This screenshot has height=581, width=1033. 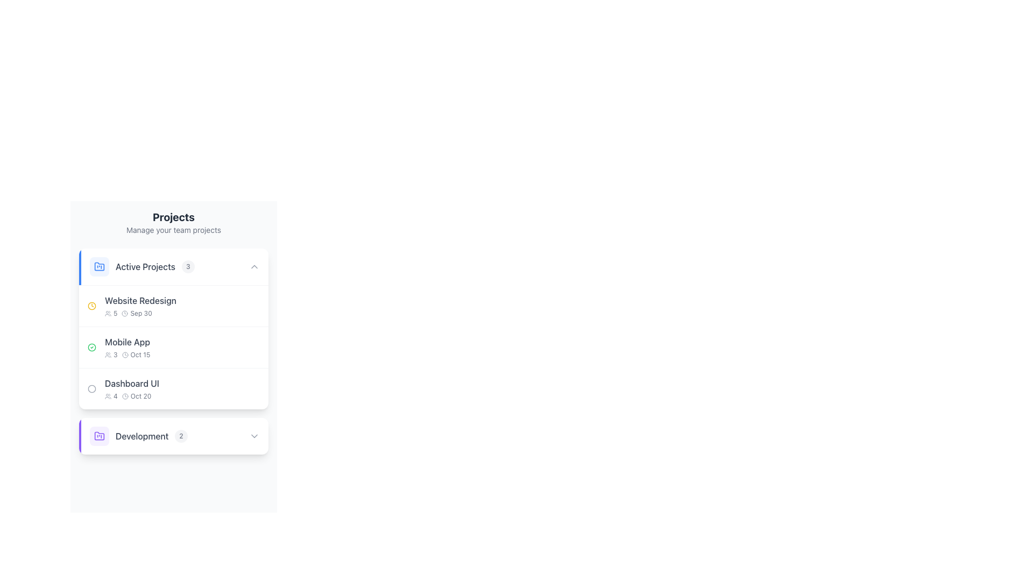 I want to click on the circle icon located at the top left of the 'Dashboard UI' row in the 'Active Projects' list, so click(x=92, y=388).